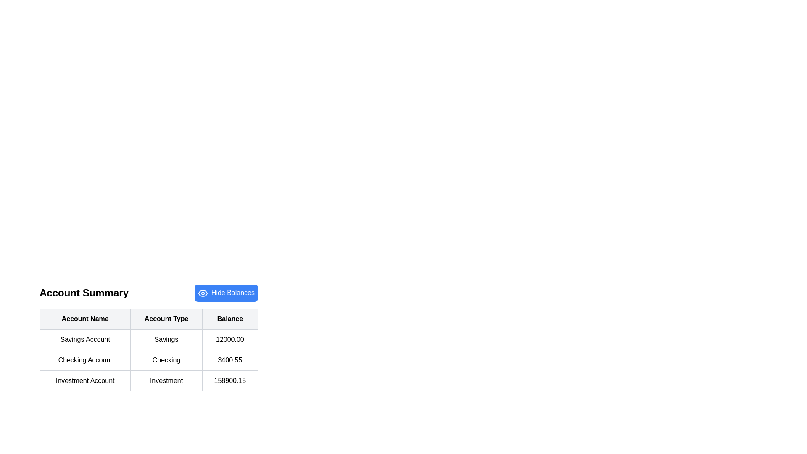 The width and height of the screenshot is (807, 454). I want to click on the text block displaying the numeric value '158900.15' in the 'Balance' column of the table, so click(230, 380).